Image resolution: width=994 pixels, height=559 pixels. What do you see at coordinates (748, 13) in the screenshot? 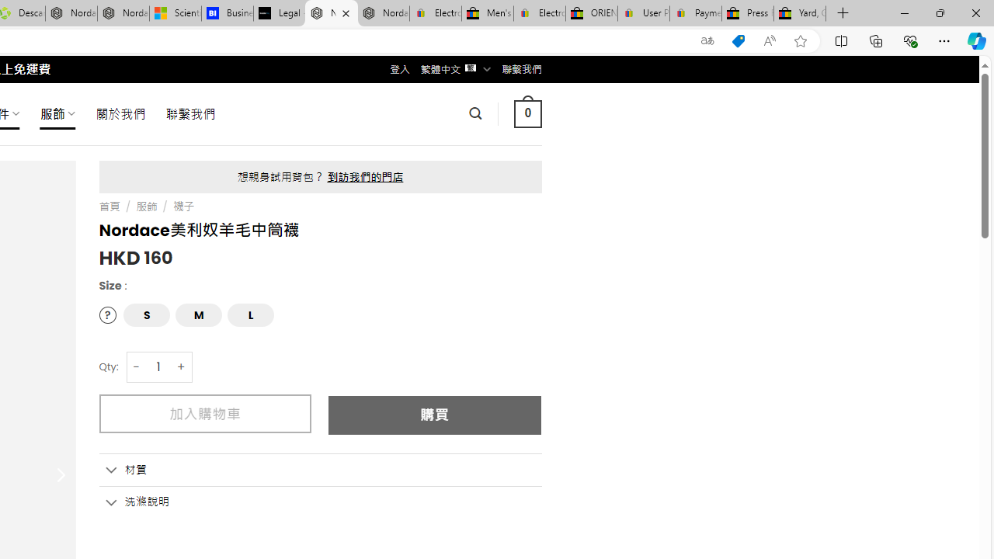
I see `'Press Room - eBay Inc.'` at bounding box center [748, 13].